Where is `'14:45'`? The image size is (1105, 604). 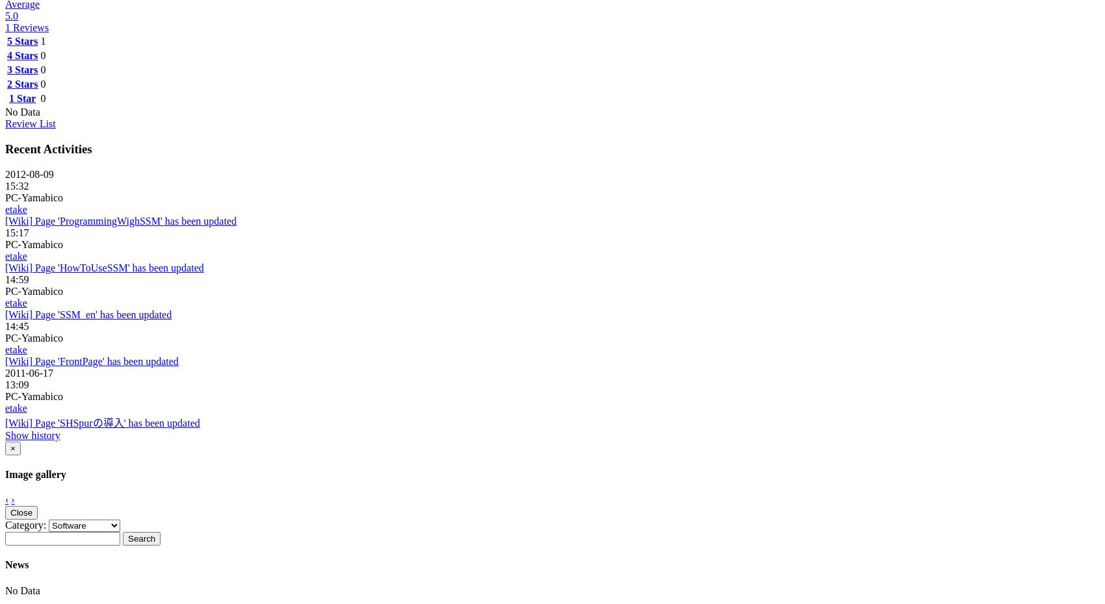
'14:45' is located at coordinates (17, 325).